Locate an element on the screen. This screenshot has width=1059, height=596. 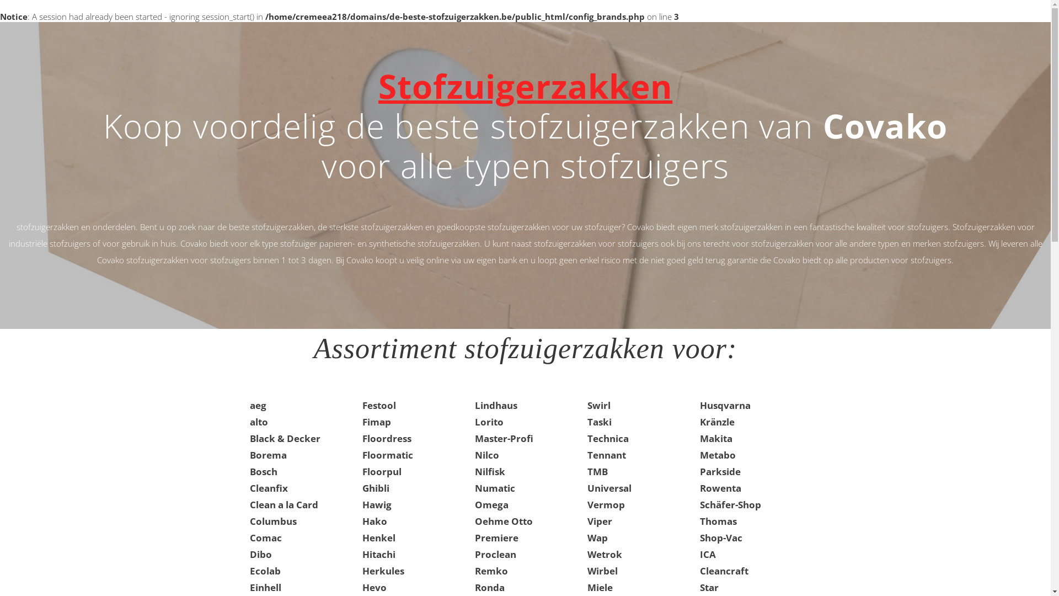
'Stofzuigerzakken' is located at coordinates (525, 85).